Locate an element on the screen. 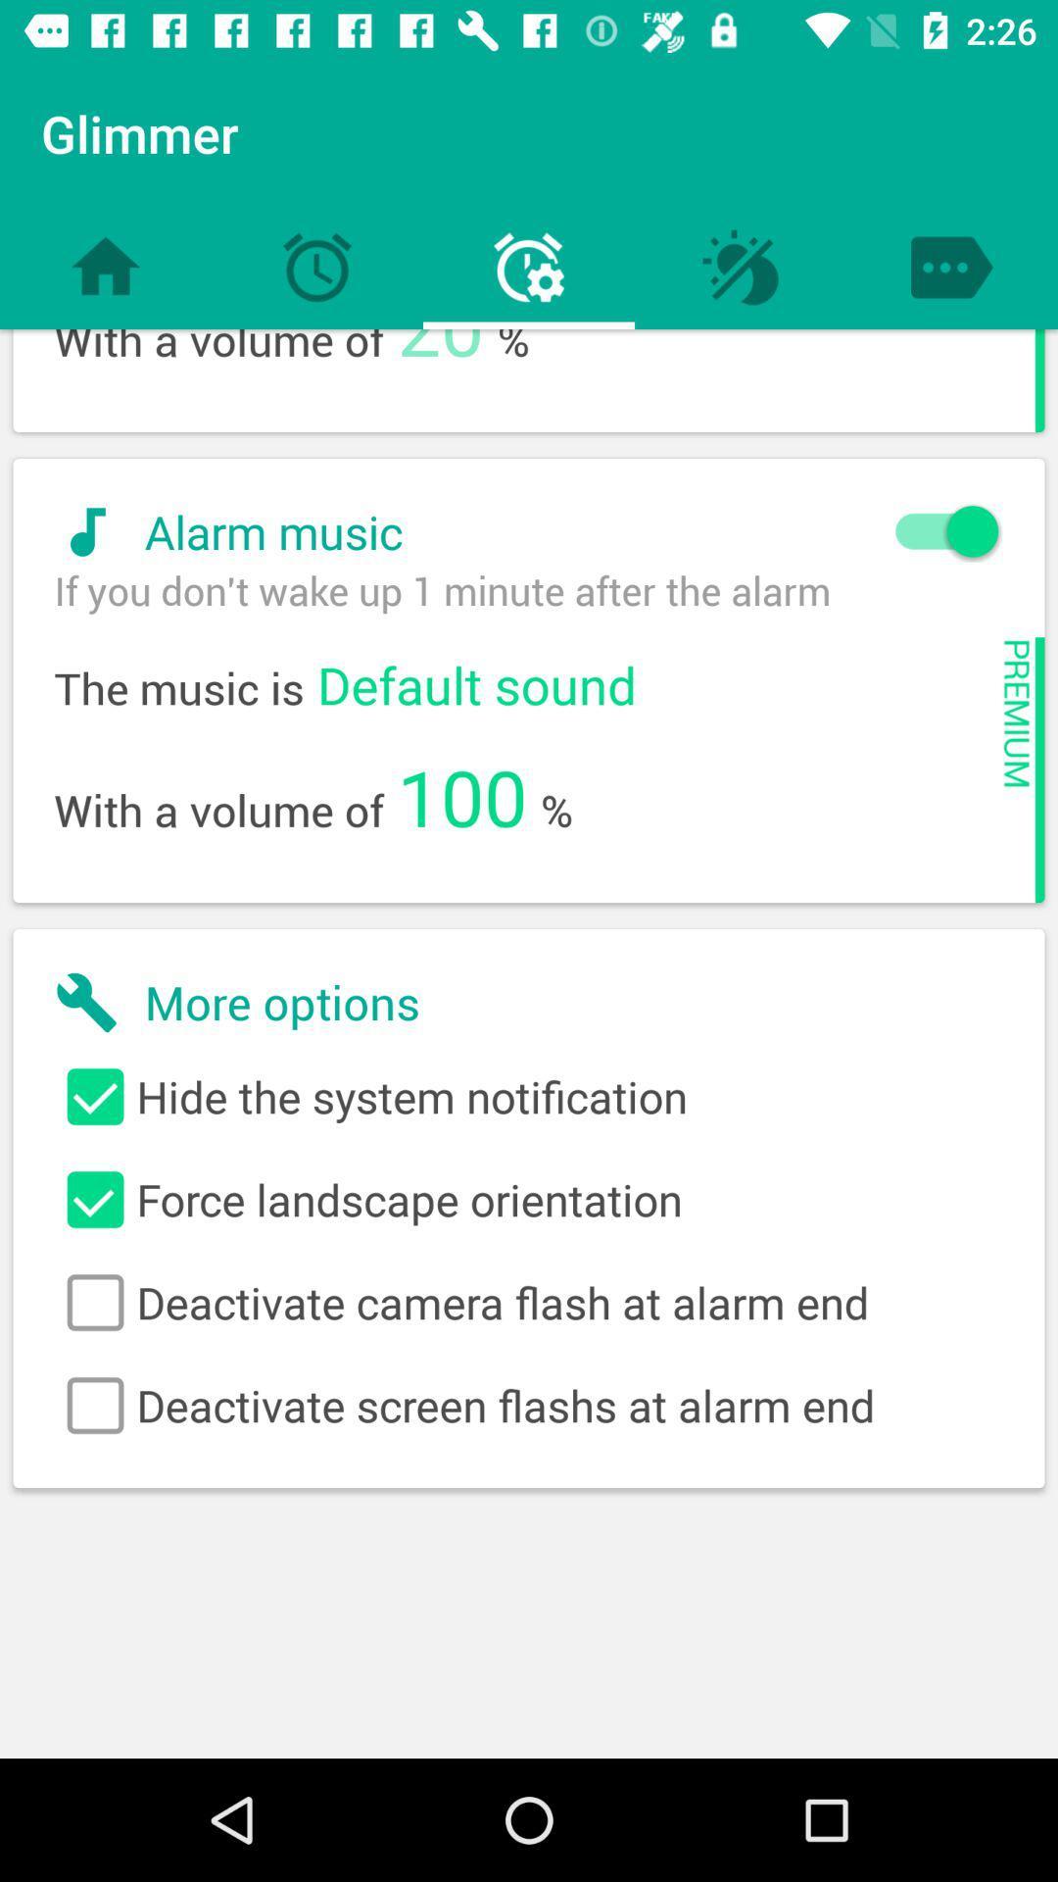 This screenshot has width=1058, height=1882. item below the deactivate camera flash icon is located at coordinates (529, 1405).